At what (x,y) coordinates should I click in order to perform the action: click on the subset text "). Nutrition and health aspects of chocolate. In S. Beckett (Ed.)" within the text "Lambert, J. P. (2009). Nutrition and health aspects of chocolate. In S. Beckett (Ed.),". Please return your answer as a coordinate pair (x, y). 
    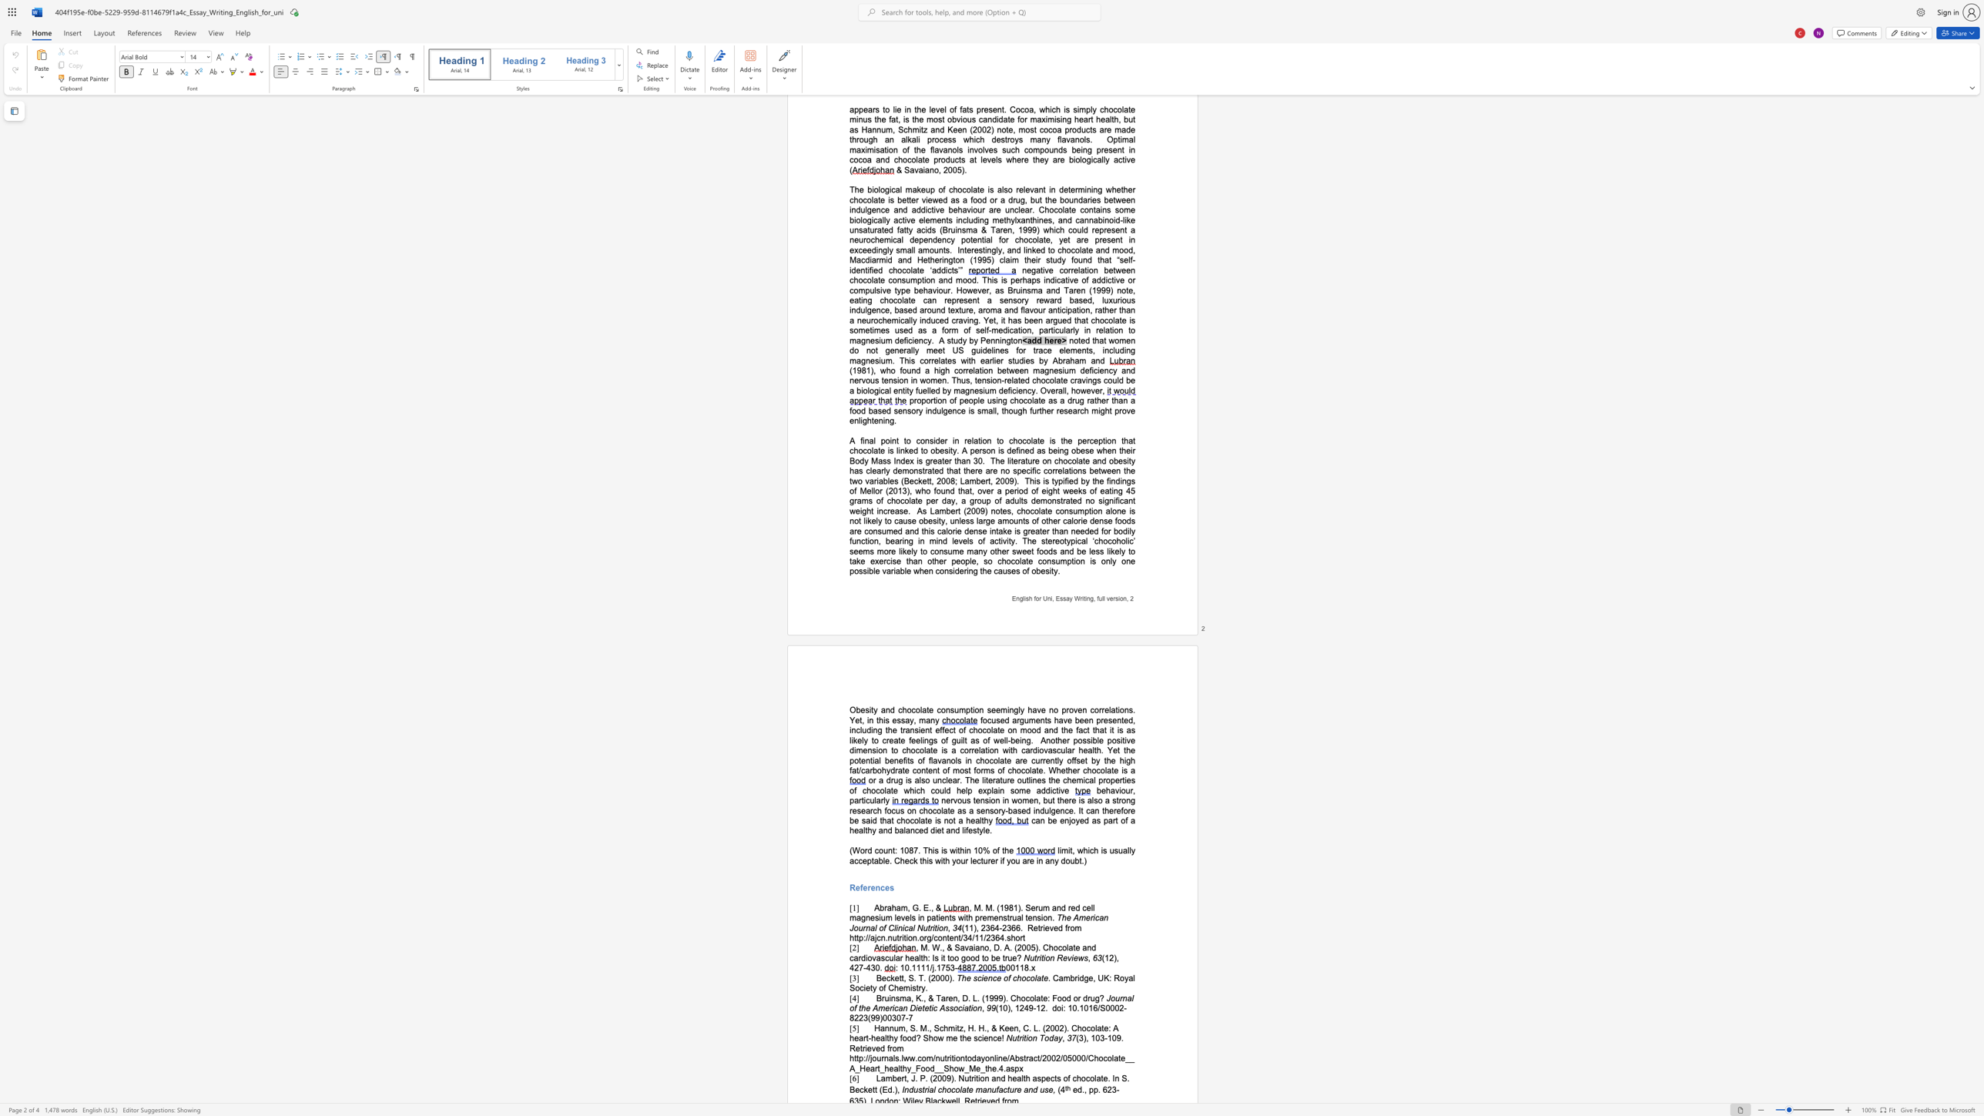
    Looking at the image, I should click on (950, 1078).